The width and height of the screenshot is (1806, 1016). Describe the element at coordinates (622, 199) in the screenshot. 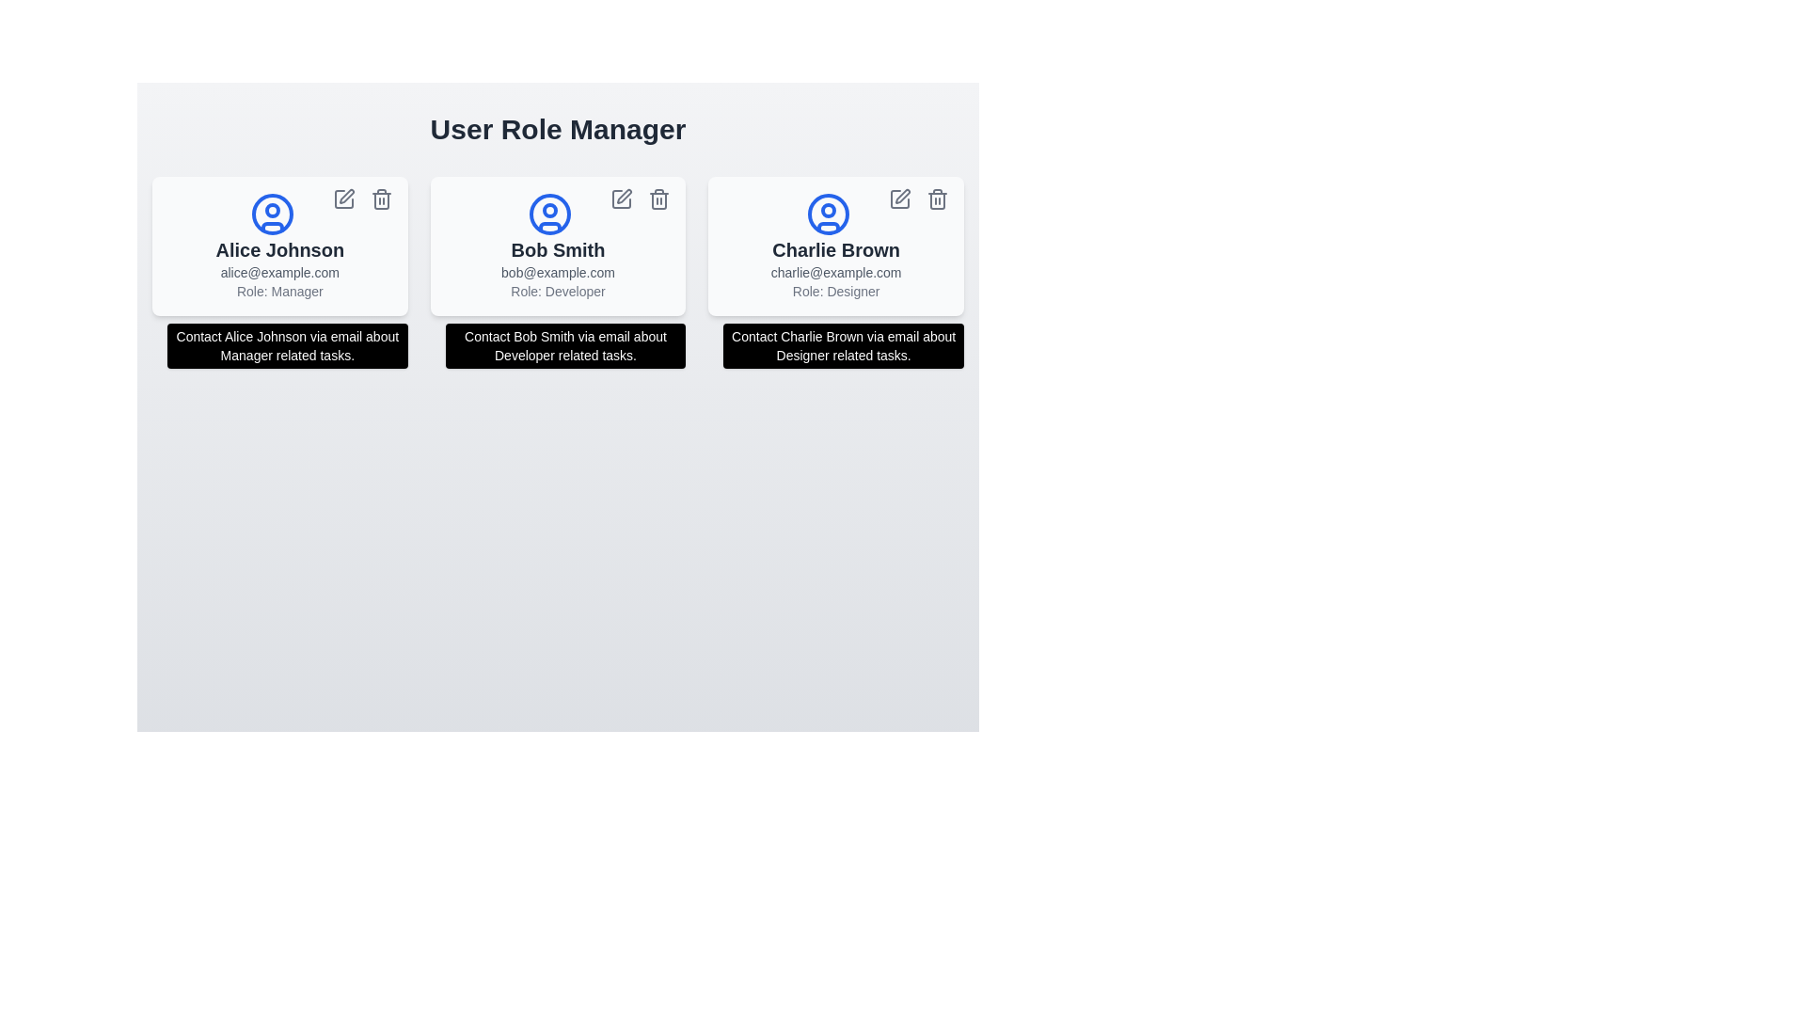

I see `the edit button icon located in the top-right region of the card labeled 'Bob Smith'` at that location.